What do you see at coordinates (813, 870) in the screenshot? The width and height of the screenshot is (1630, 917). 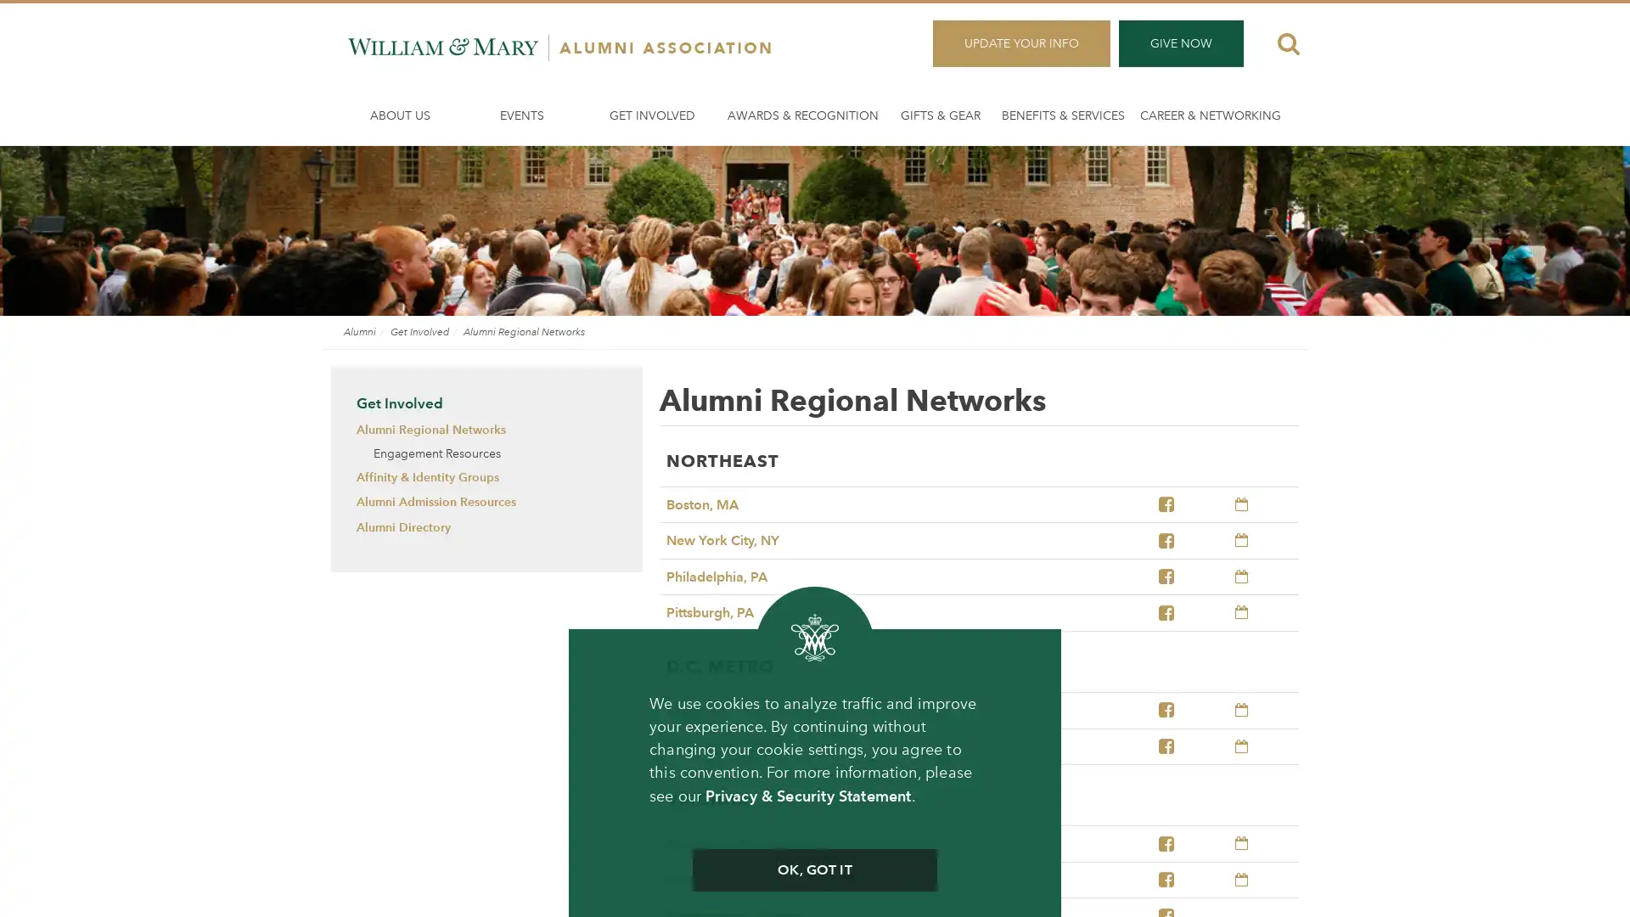 I see `OK, GOT IT` at bounding box center [813, 870].